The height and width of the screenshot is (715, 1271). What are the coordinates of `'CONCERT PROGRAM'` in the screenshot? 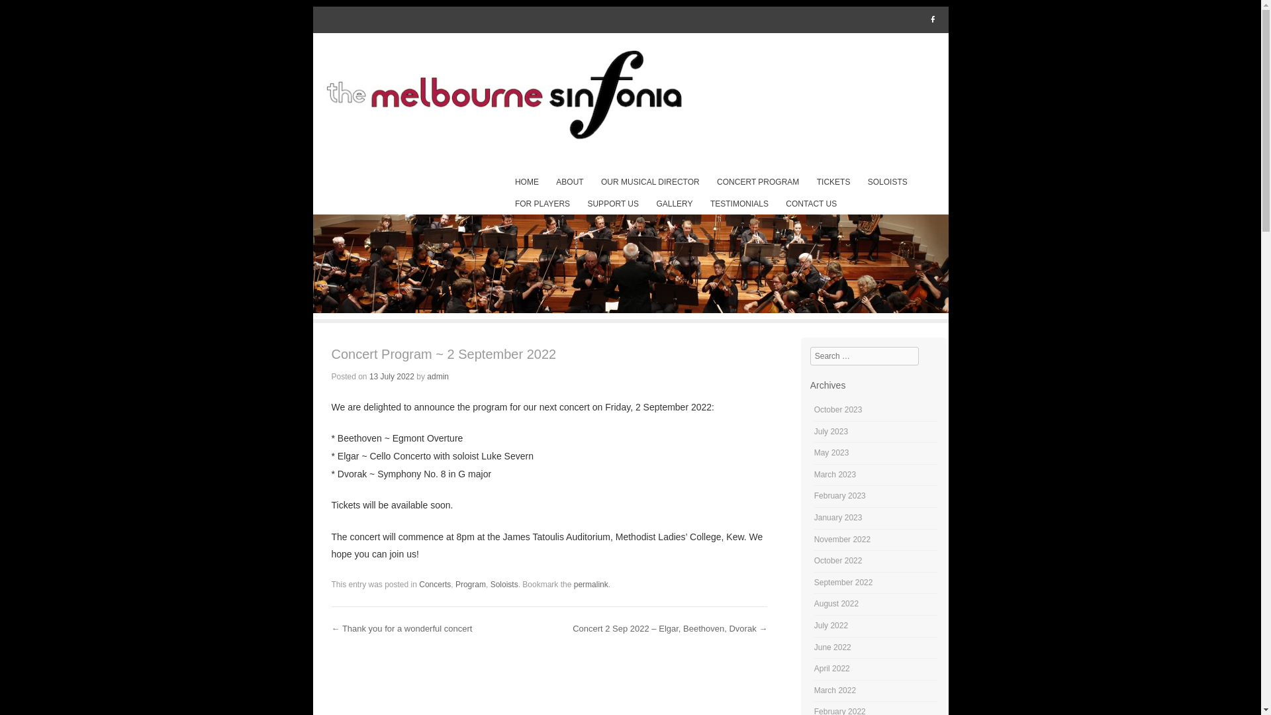 It's located at (758, 183).